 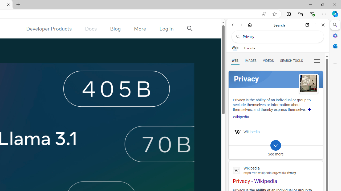 I want to click on 'Blog', so click(x=115, y=29).